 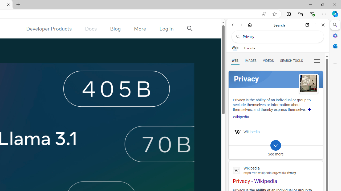 I want to click on 'Blog', so click(x=115, y=29).